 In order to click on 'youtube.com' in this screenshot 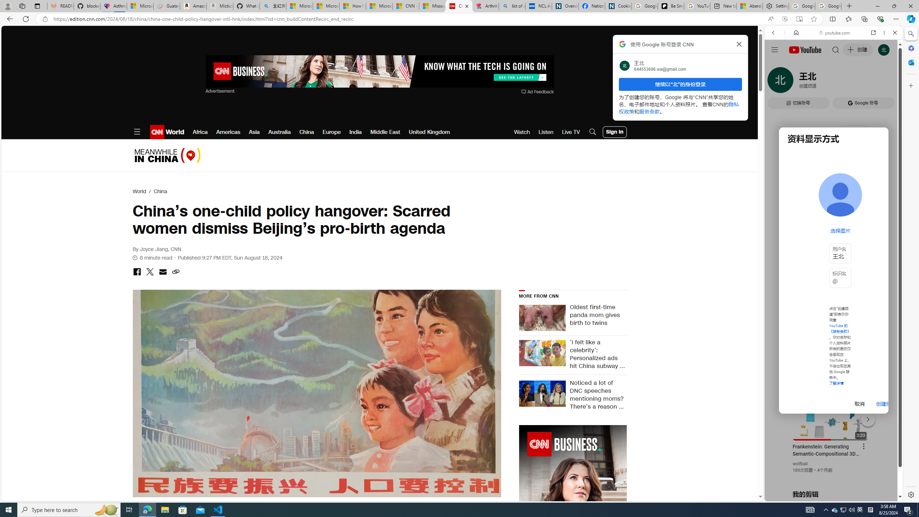, I will do `click(834, 33)`.